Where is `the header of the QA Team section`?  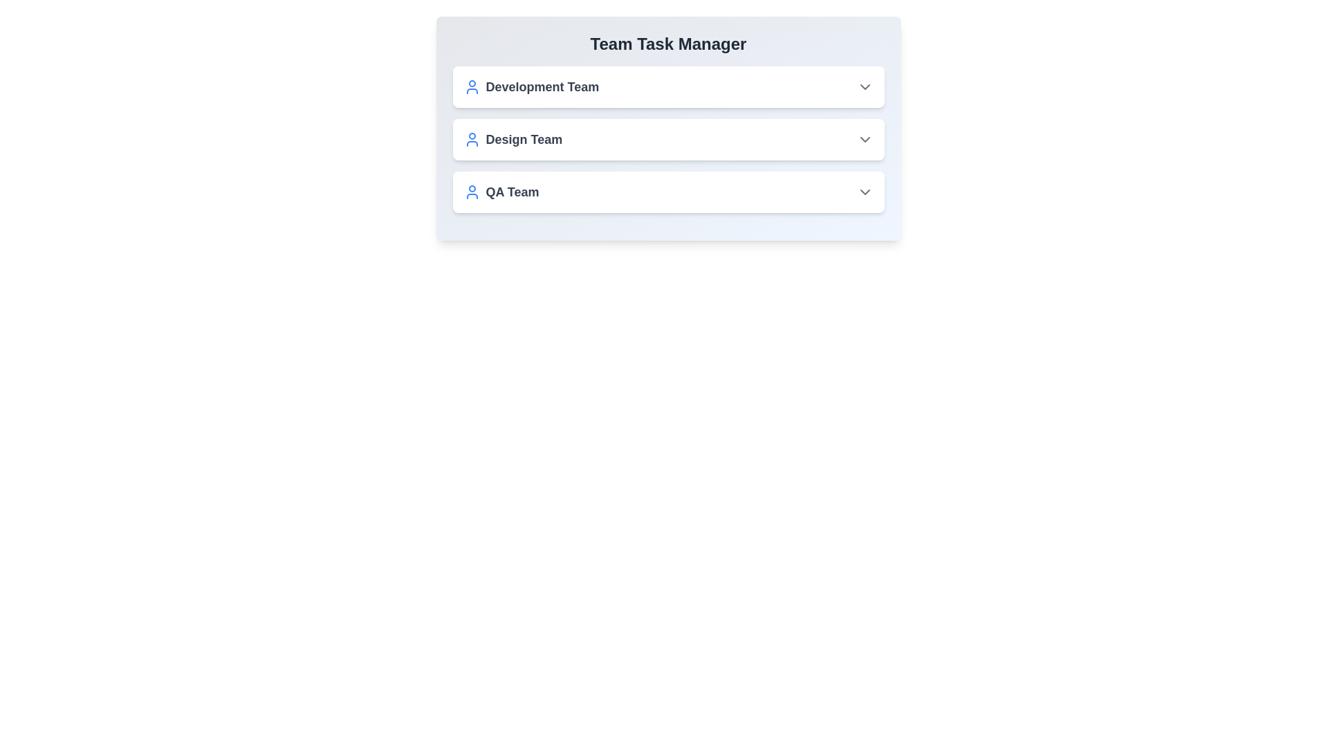 the header of the QA Team section is located at coordinates (668, 192).